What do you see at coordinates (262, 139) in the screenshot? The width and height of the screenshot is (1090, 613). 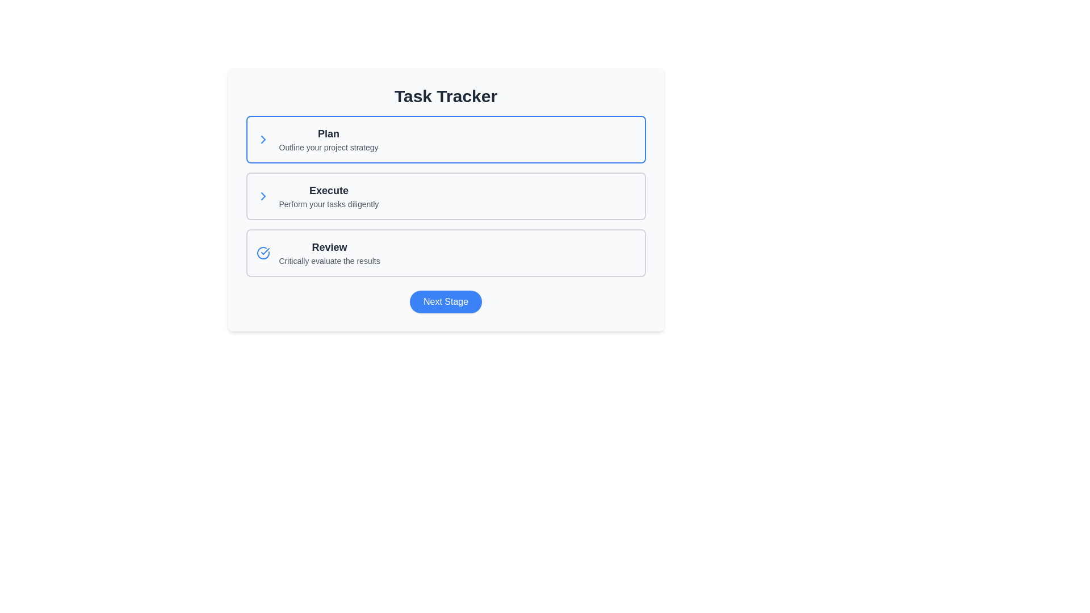 I see `the Chevron icon located within the second list item 'Execute Perform your tasks diligently' to indicate further interaction options` at bounding box center [262, 139].